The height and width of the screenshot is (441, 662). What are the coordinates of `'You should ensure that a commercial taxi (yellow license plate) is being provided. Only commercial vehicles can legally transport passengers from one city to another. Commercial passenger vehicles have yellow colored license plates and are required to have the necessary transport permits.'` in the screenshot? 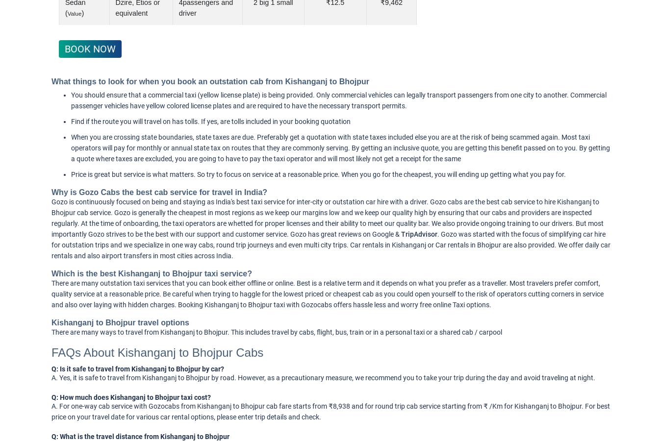 It's located at (338, 100).